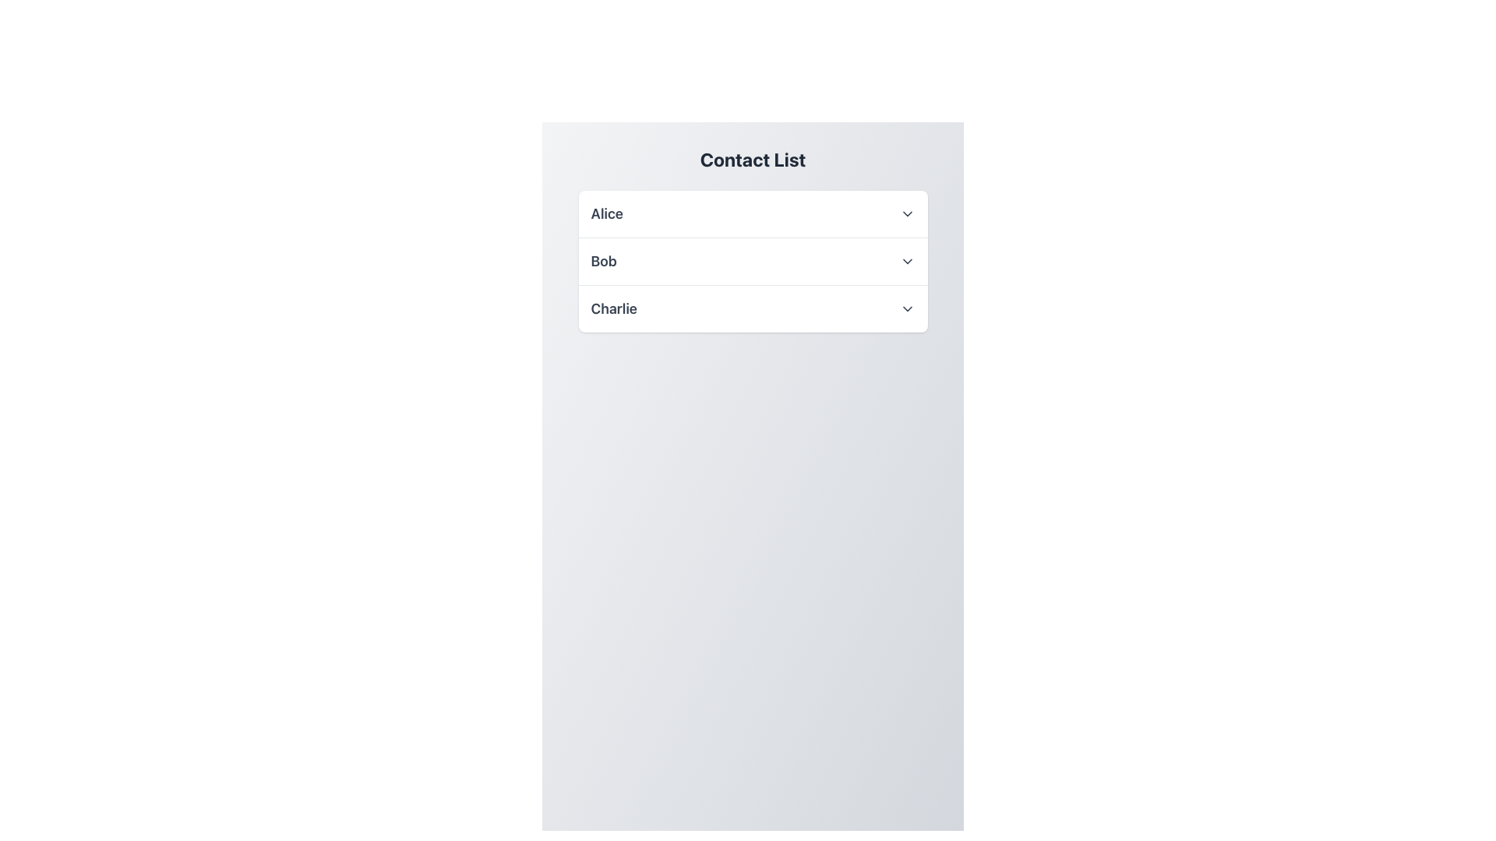  What do you see at coordinates (753, 260) in the screenshot?
I see `the interactive dropdown menu item labeled 'Bob'` at bounding box center [753, 260].